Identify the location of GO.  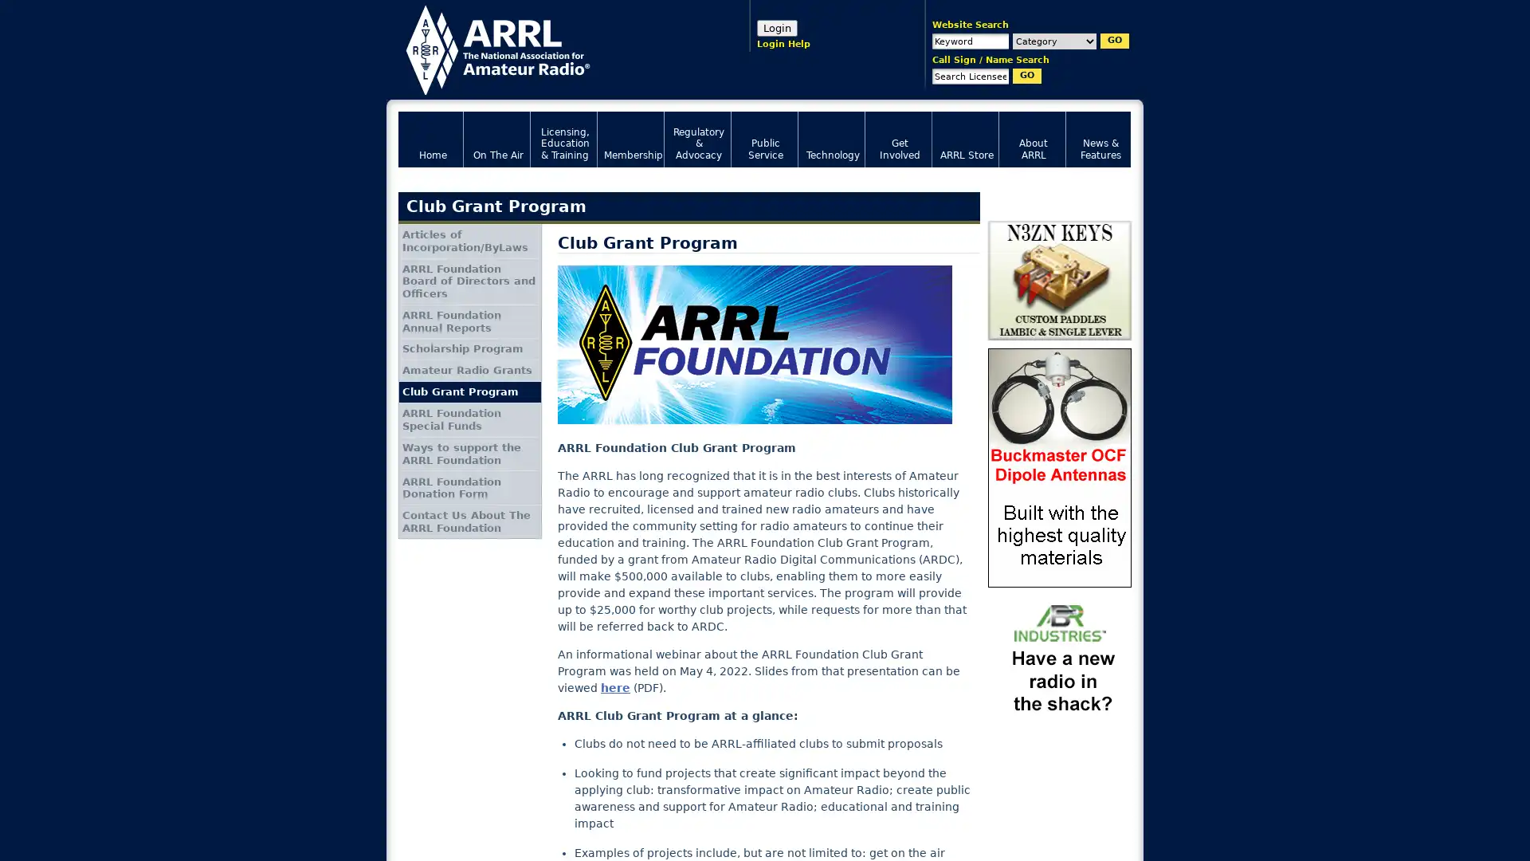
(1027, 76).